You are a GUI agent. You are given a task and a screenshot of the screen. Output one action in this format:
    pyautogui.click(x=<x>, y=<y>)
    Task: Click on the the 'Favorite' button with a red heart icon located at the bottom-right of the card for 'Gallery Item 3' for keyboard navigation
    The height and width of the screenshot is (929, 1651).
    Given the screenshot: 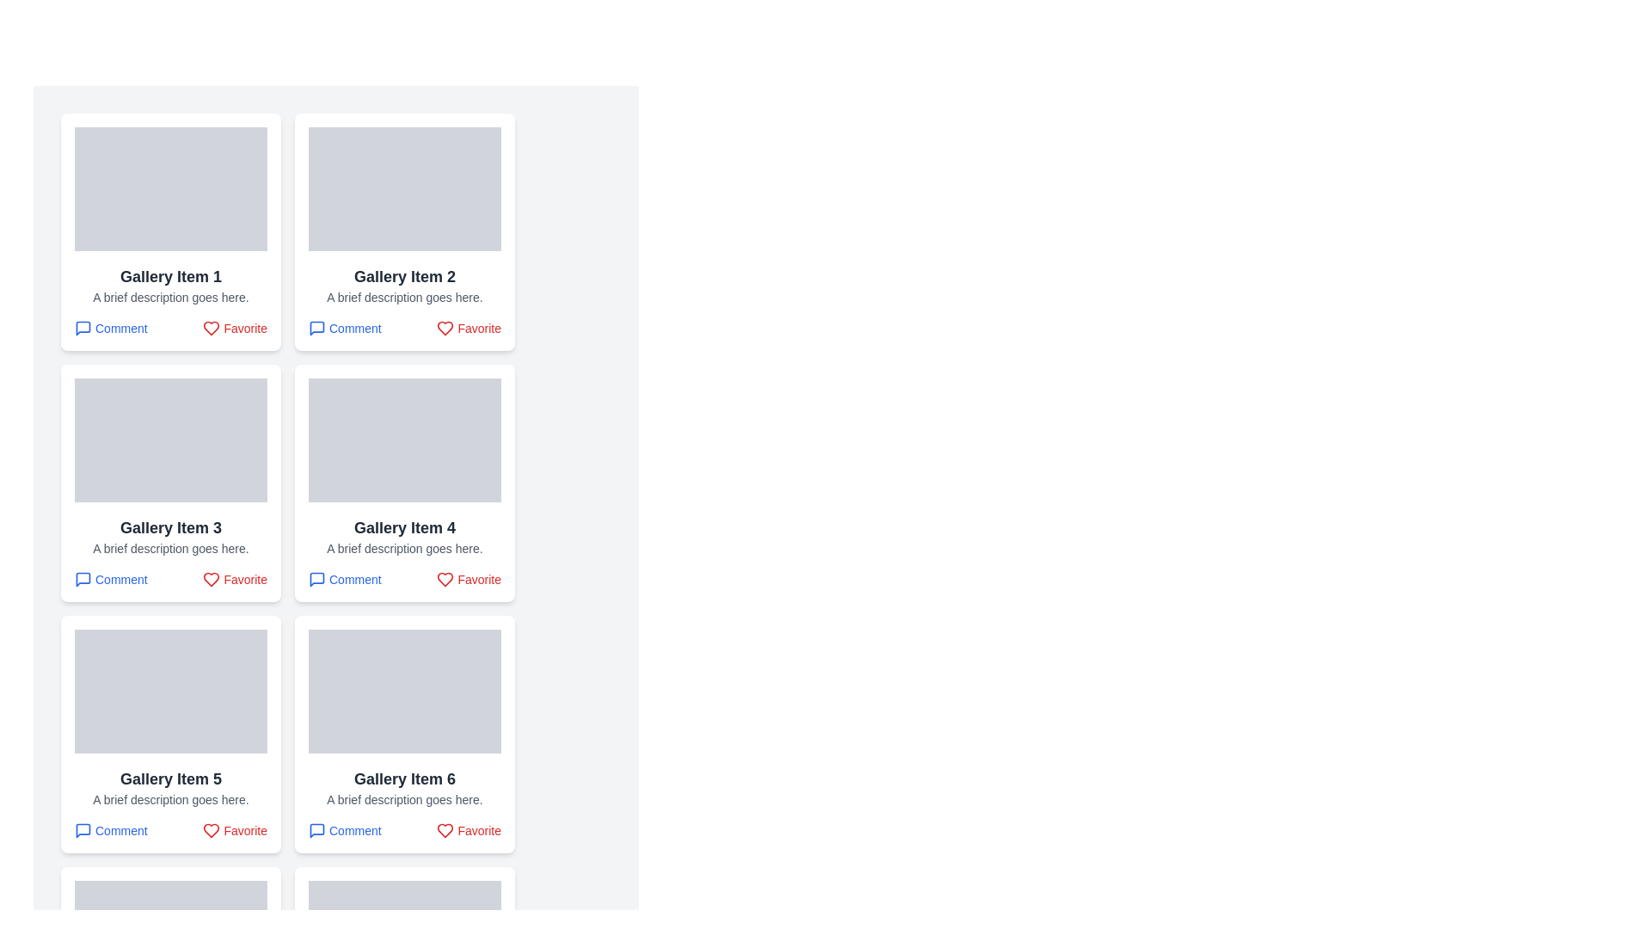 What is the action you would take?
    pyautogui.click(x=234, y=580)
    